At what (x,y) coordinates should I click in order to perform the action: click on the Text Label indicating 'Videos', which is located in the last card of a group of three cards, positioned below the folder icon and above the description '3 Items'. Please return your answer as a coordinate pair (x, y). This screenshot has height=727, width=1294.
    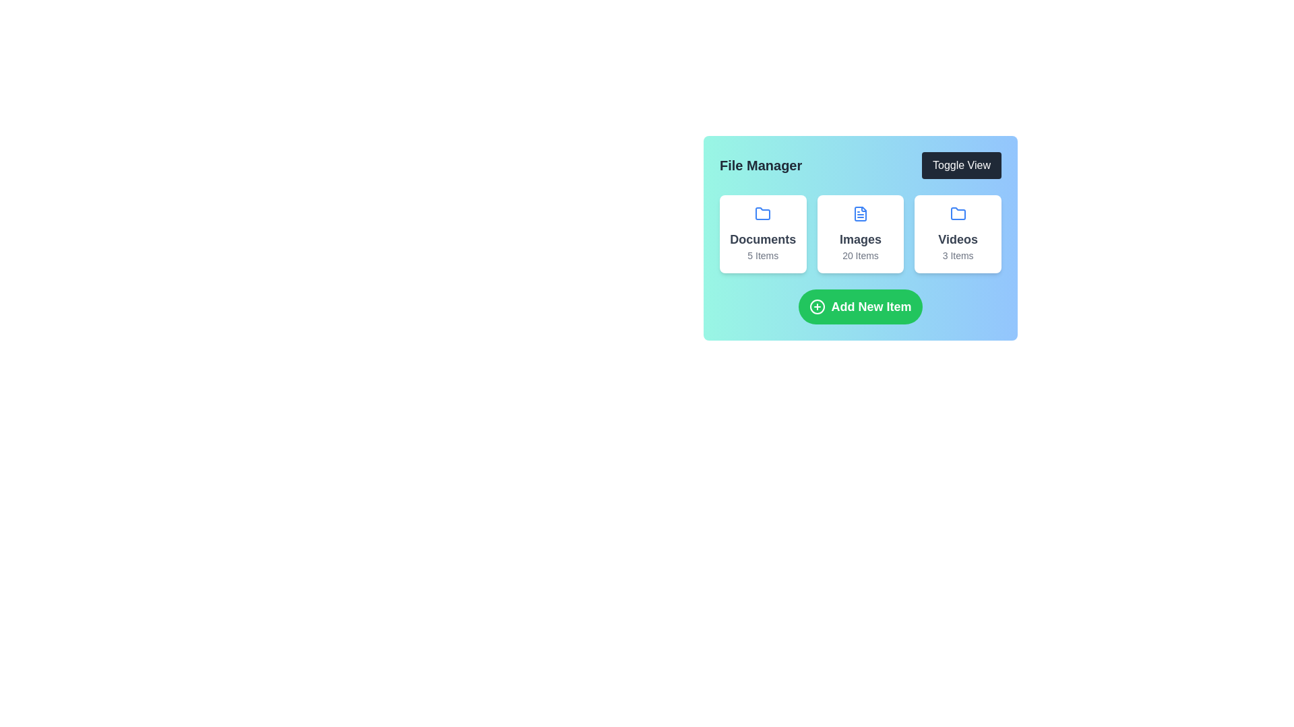
    Looking at the image, I should click on (957, 238).